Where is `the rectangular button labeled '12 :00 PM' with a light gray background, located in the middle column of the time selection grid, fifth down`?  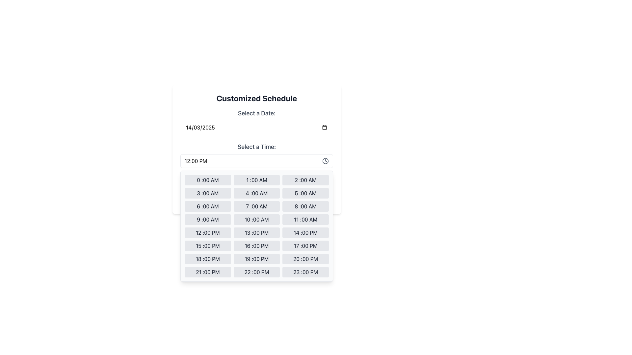 the rectangular button labeled '12 :00 PM' with a light gray background, located in the middle column of the time selection grid, fifth down is located at coordinates (207, 232).